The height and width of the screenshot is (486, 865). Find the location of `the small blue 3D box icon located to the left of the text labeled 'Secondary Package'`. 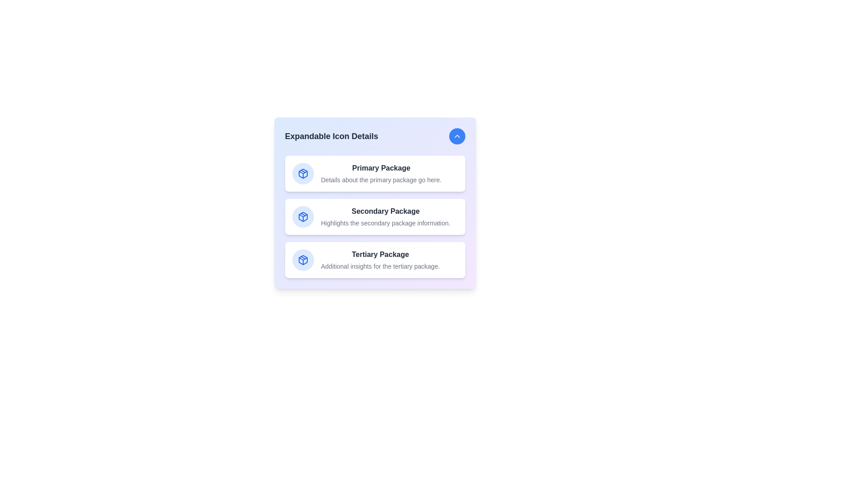

the small blue 3D box icon located to the left of the text labeled 'Secondary Package' is located at coordinates (303, 217).